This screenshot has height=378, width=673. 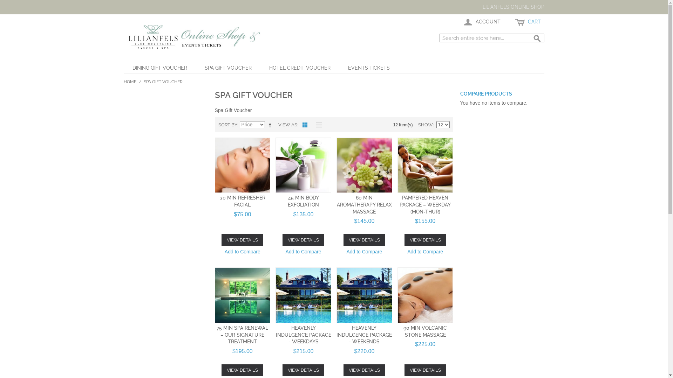 What do you see at coordinates (159, 68) in the screenshot?
I see `'DINING GIFT VOUCHER'` at bounding box center [159, 68].